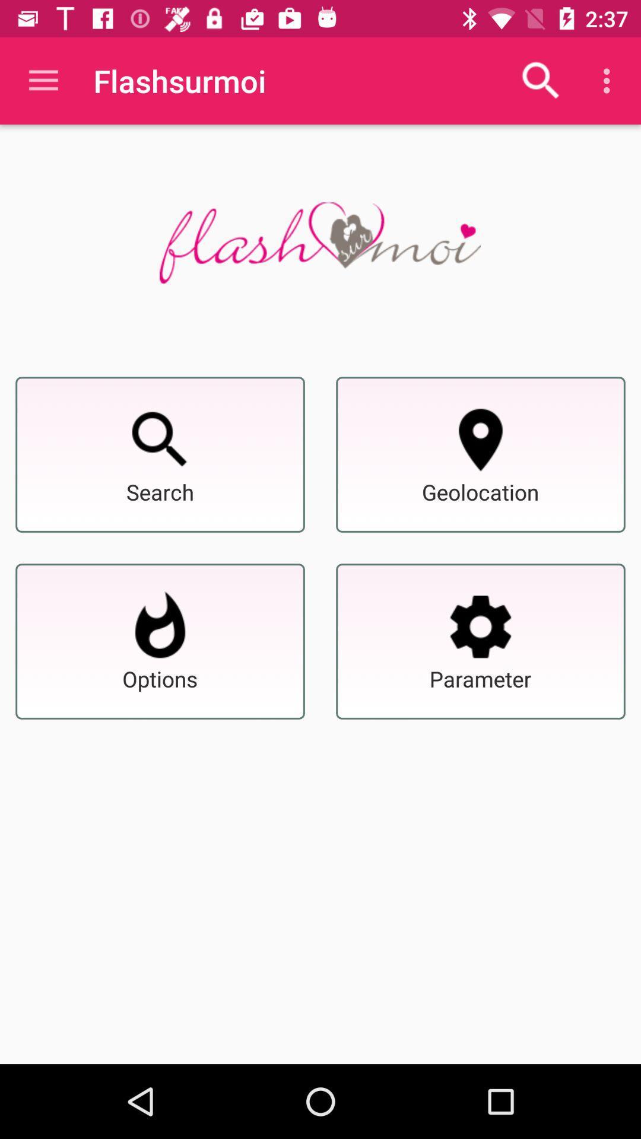 The width and height of the screenshot is (641, 1139). I want to click on show options, so click(160, 626).